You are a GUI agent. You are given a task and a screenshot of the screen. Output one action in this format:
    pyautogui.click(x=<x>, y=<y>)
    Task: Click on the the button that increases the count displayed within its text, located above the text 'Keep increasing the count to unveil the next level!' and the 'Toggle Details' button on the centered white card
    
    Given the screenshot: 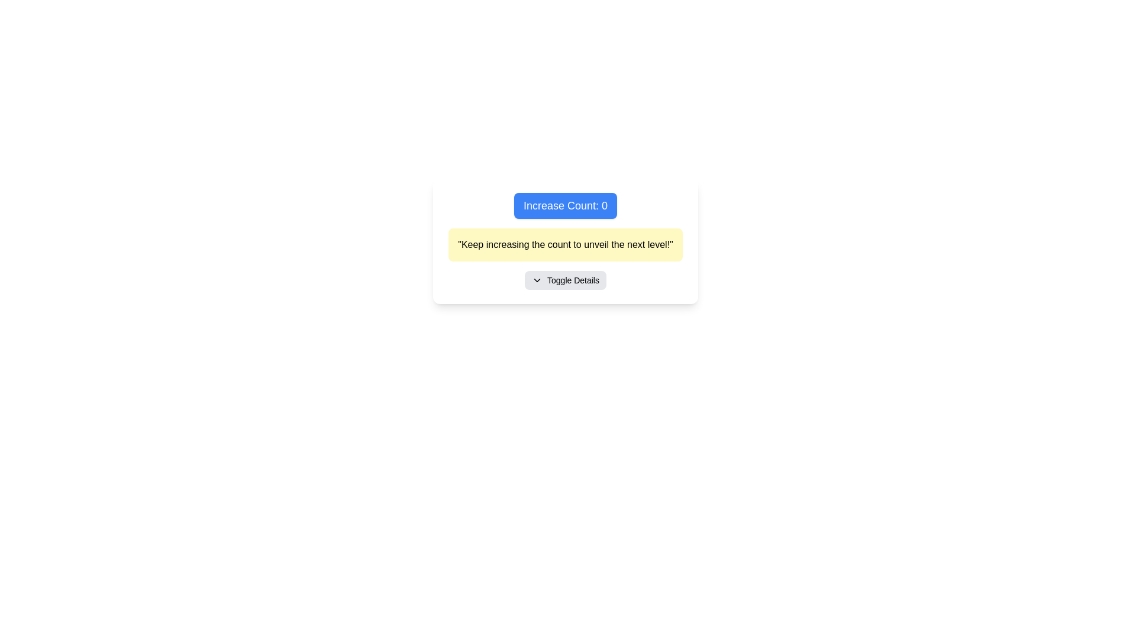 What is the action you would take?
    pyautogui.click(x=564, y=205)
    